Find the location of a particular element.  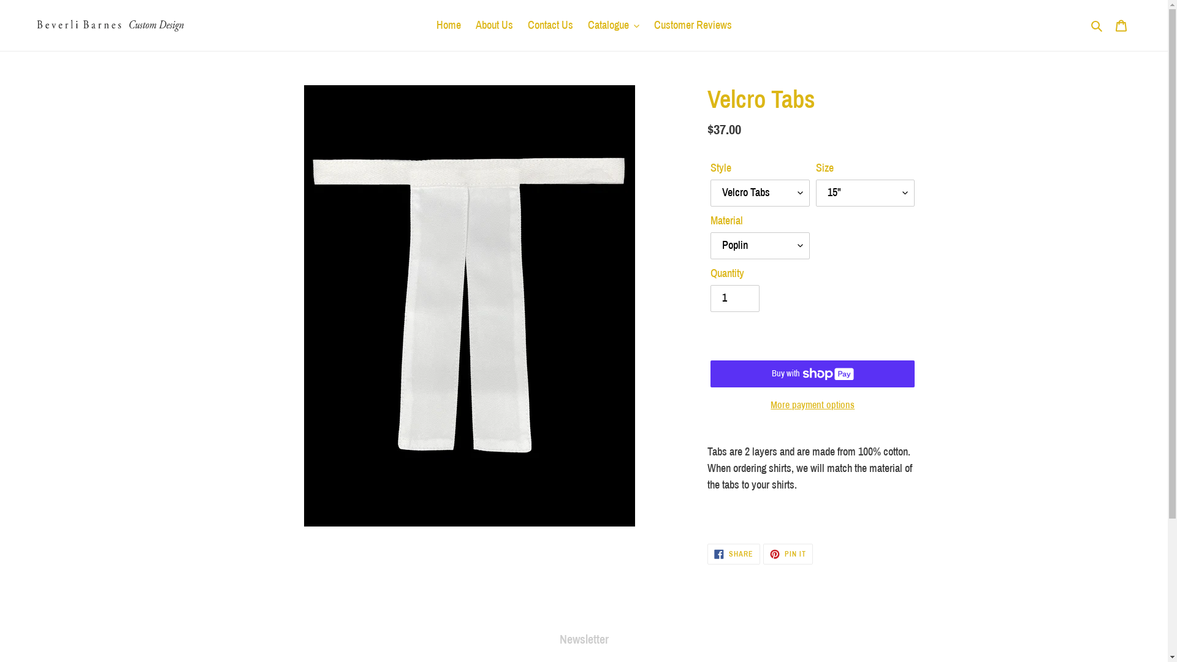

'SHARE is located at coordinates (733, 554).